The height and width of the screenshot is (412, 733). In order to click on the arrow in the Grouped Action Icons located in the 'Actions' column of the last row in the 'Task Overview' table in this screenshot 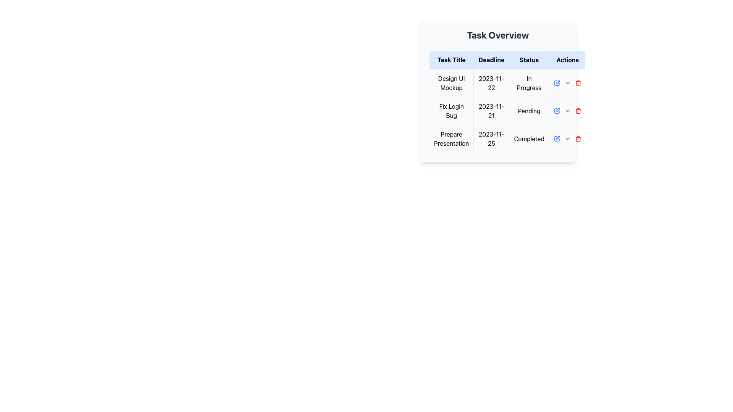, I will do `click(568, 138)`.